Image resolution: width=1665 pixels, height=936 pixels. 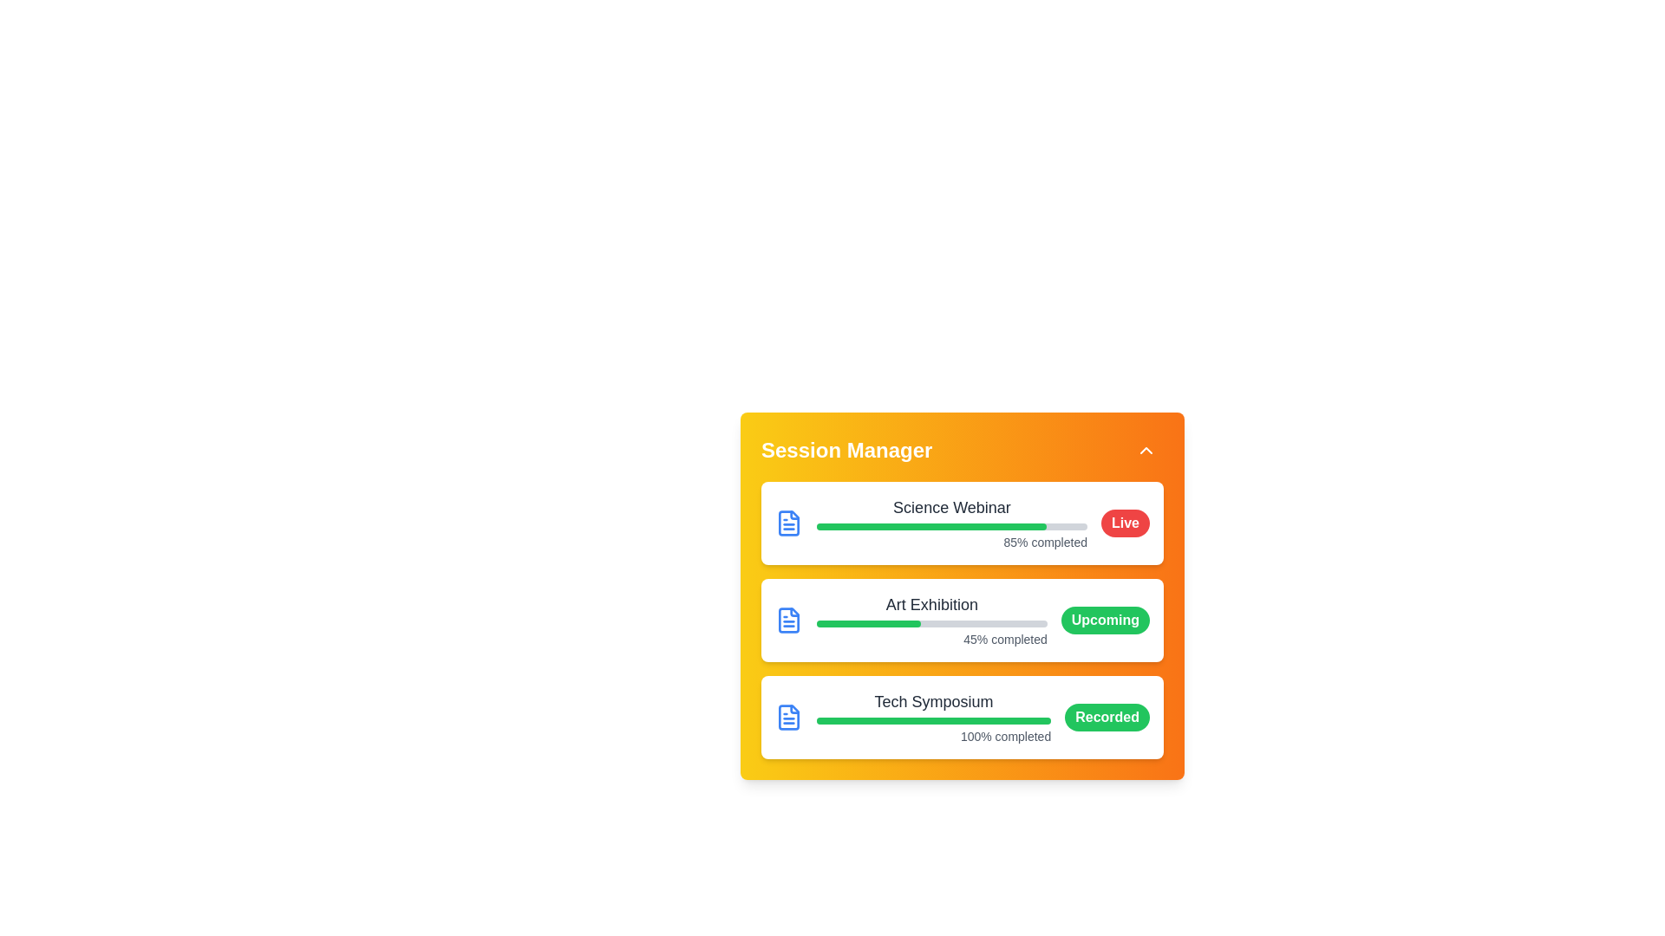 What do you see at coordinates (846, 450) in the screenshot?
I see `the text label displaying 'Session Manager', which is styled in white bold font on an orange gradient background, located at the top left of the orange card component` at bounding box center [846, 450].